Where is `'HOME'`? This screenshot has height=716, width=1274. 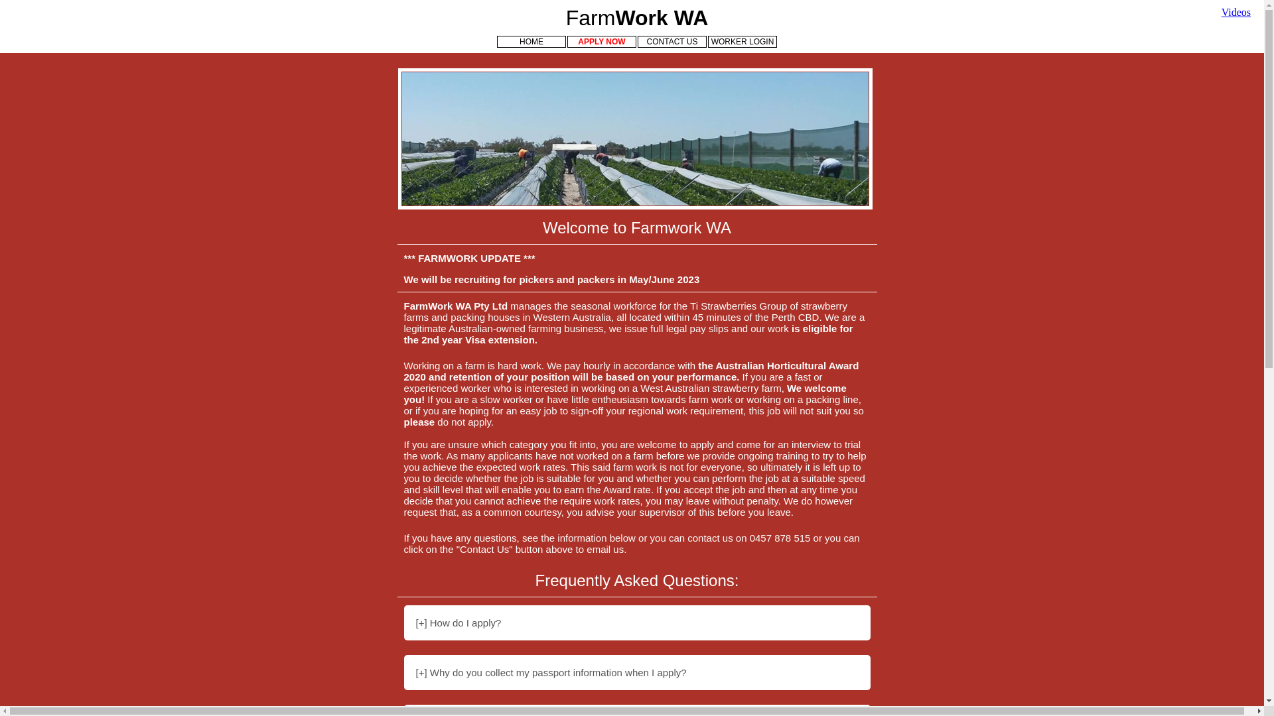
'HOME' is located at coordinates (531, 40).